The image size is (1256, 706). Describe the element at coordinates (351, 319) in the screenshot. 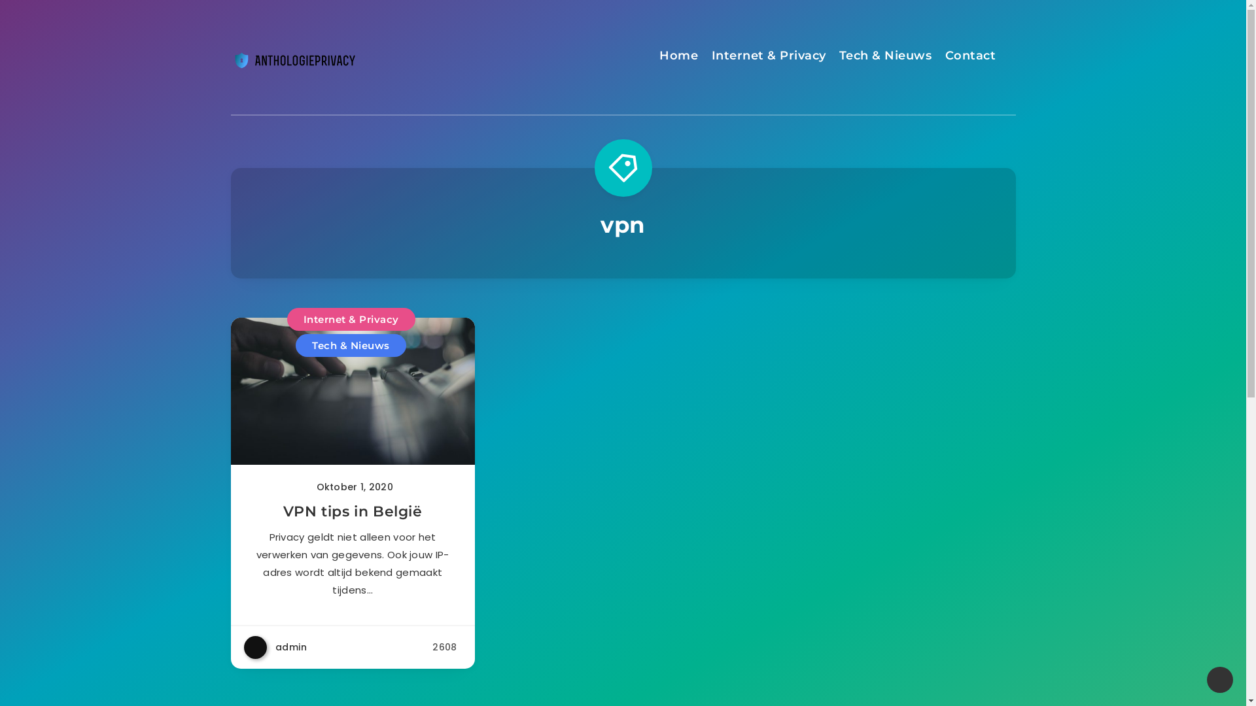

I see `'Internet & Privacy'` at that location.